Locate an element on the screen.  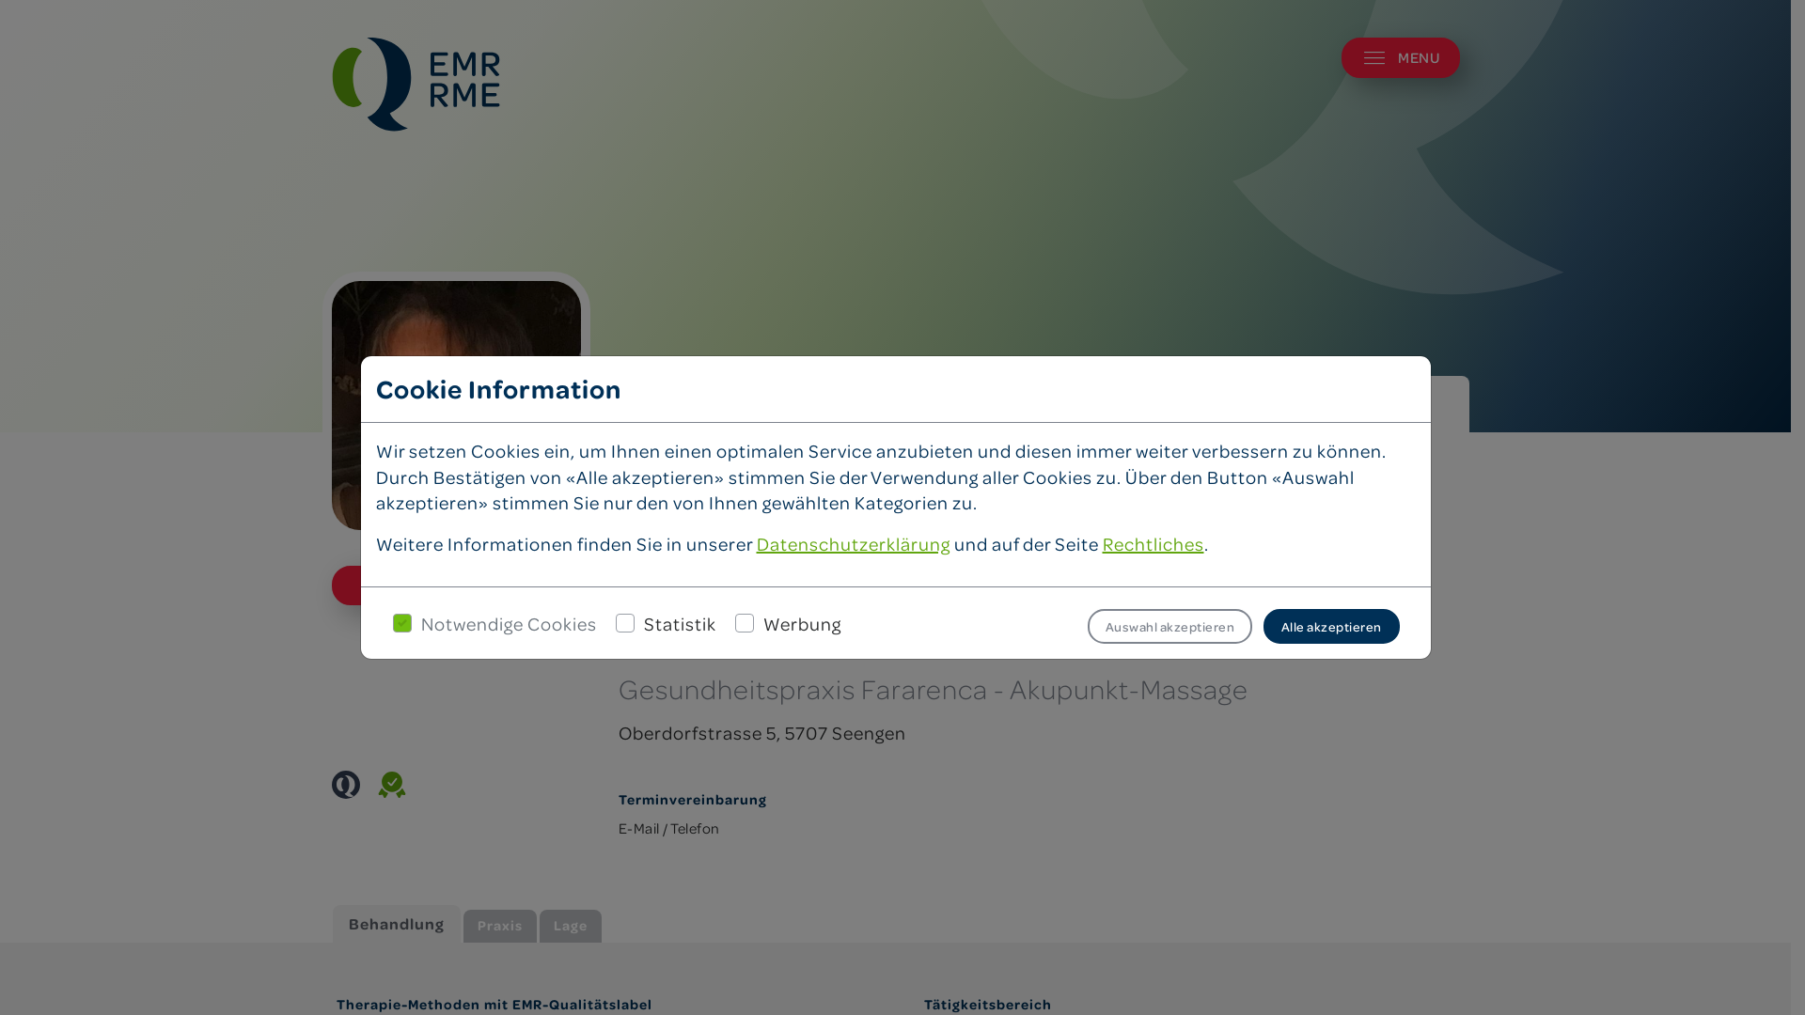
'Behandlung' is located at coordinates (396, 923).